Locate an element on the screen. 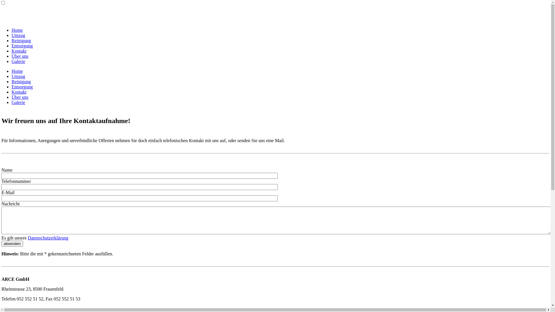  'Galerie' is located at coordinates (18, 102).